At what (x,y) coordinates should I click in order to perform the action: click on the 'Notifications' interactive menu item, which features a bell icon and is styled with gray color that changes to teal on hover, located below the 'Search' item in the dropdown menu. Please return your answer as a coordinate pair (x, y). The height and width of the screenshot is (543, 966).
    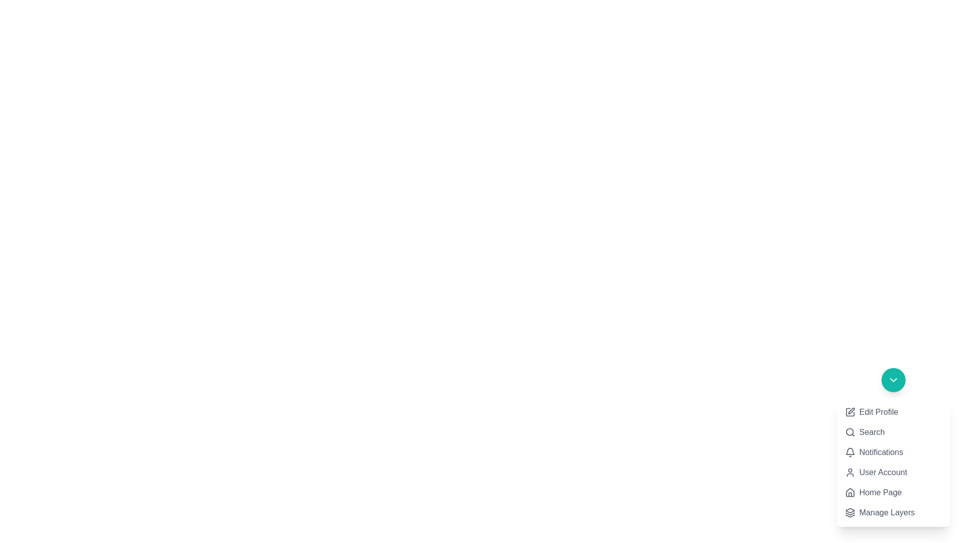
    Looking at the image, I should click on (873, 451).